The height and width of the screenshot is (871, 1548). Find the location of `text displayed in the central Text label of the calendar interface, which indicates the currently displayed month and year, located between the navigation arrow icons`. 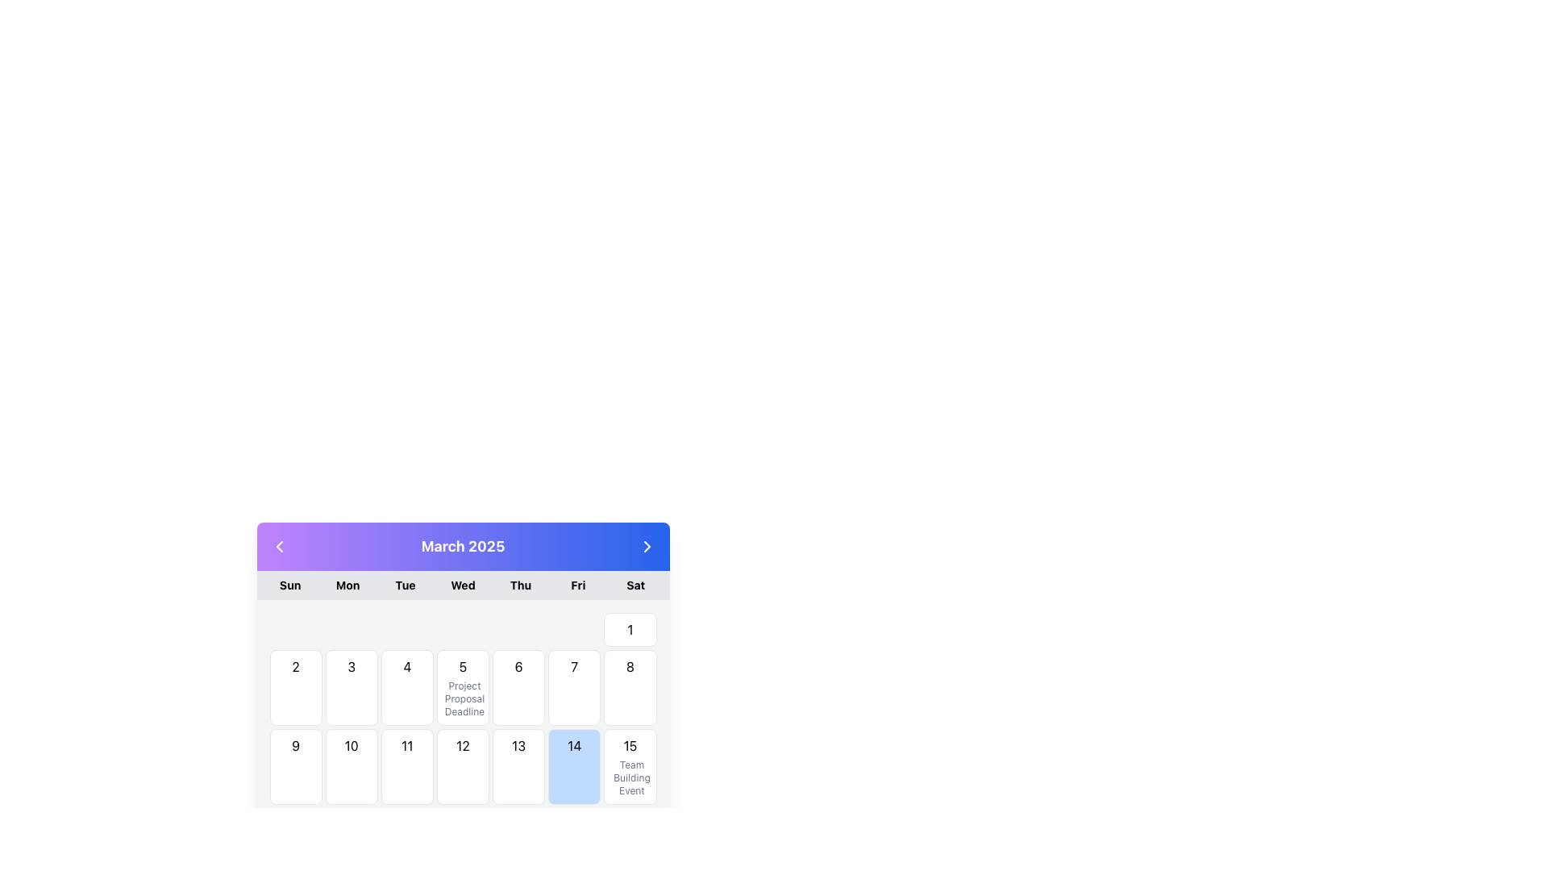

text displayed in the central Text label of the calendar interface, which indicates the currently displayed month and year, located between the navigation arrow icons is located at coordinates (462, 546).